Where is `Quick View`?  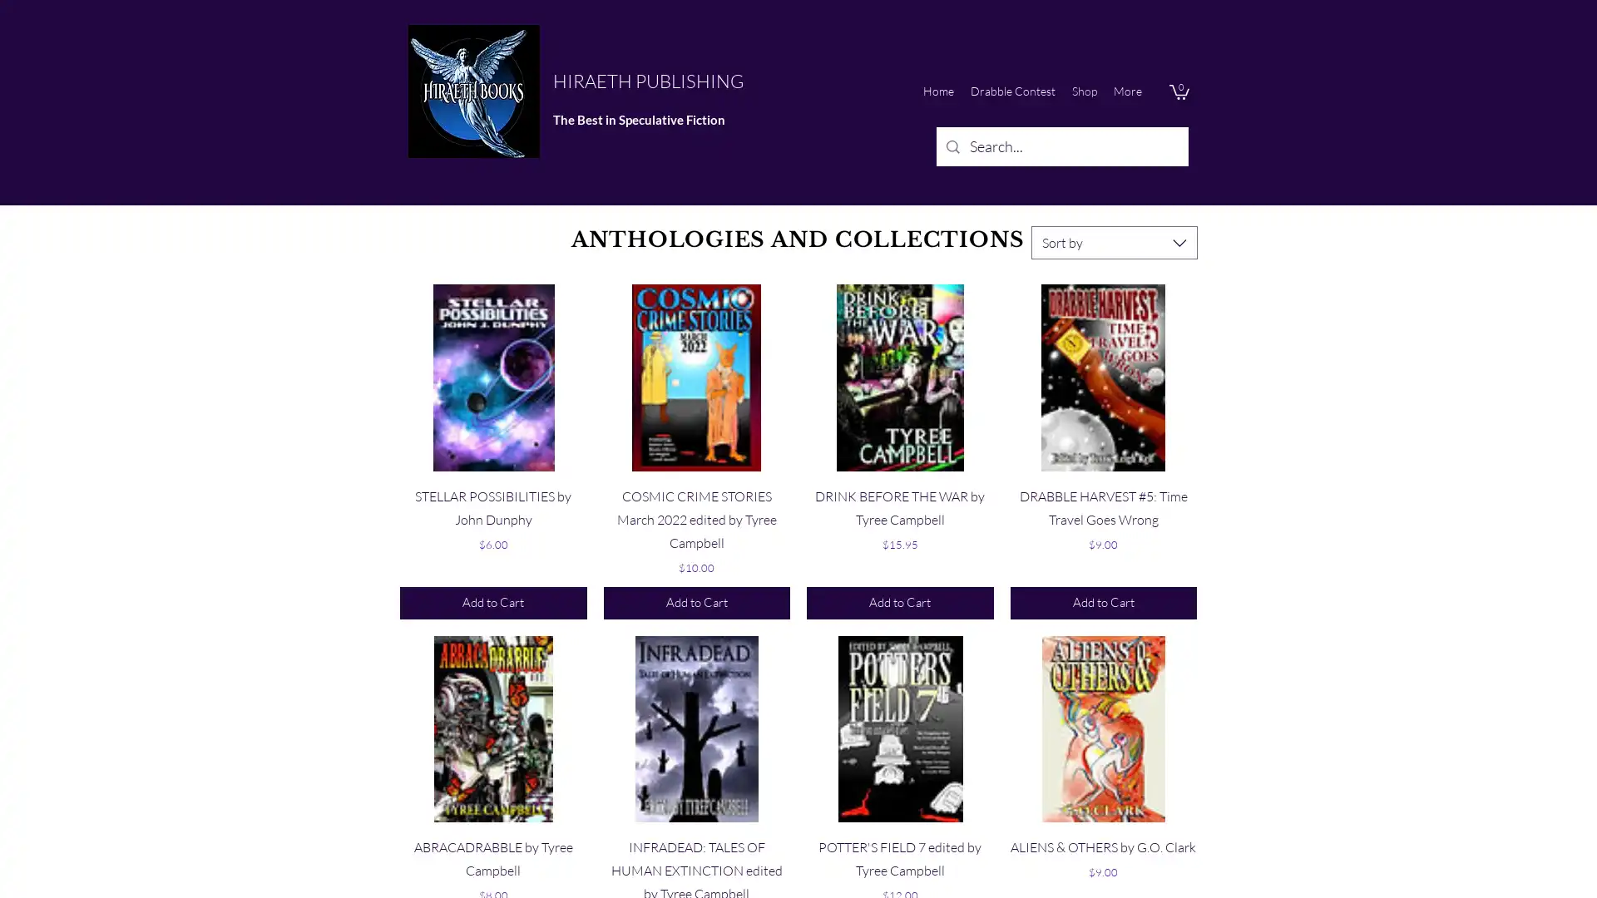 Quick View is located at coordinates (898, 490).